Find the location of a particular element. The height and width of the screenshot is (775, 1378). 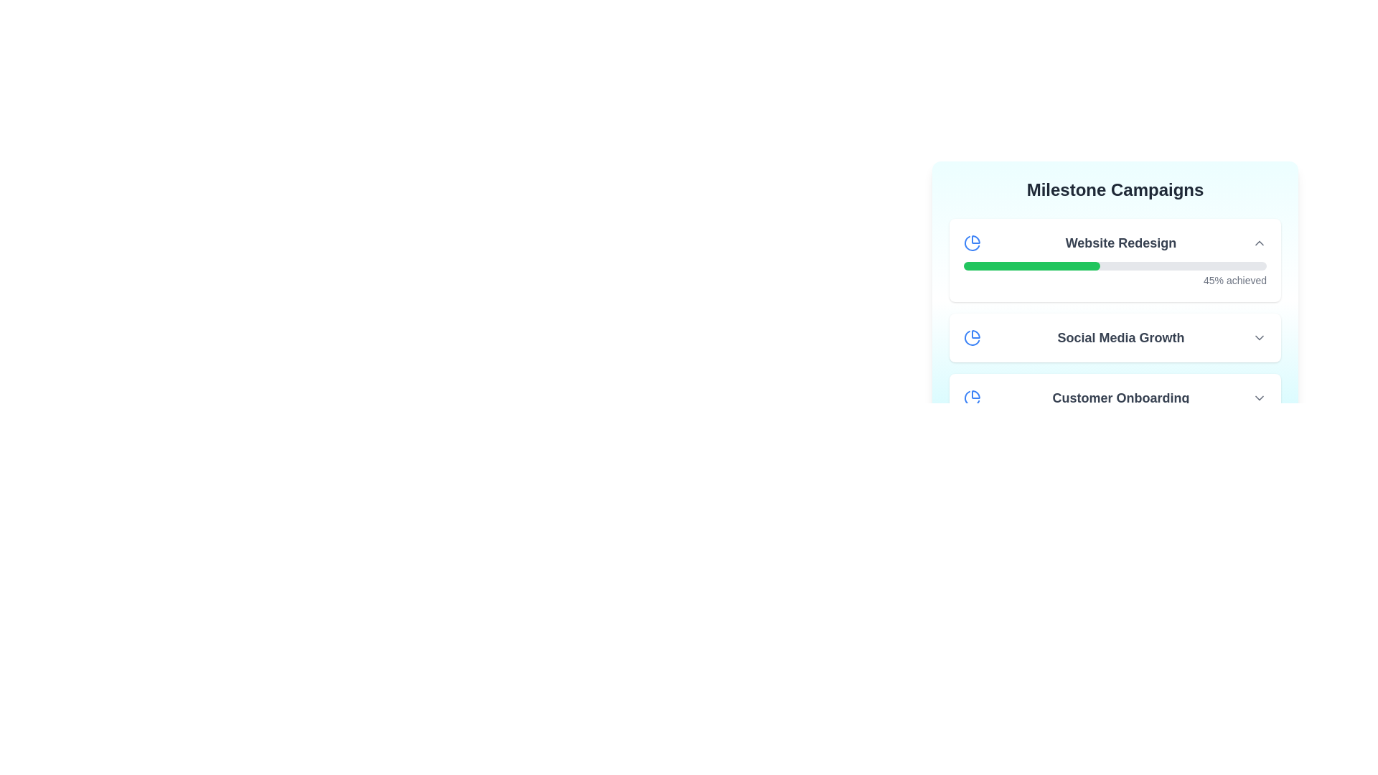

the Informational Card with a Progress Bar that updates on the progress of the 'Website Redesign' campaign, which is the first card in the vertical stack of progress cards titled 'Milestone Campaigns' is located at coordinates (1115, 260).